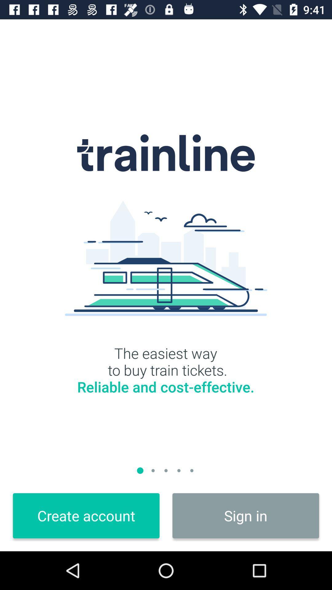 The width and height of the screenshot is (332, 590). What do you see at coordinates (86, 516) in the screenshot?
I see `icon to the left of sign in icon` at bounding box center [86, 516].